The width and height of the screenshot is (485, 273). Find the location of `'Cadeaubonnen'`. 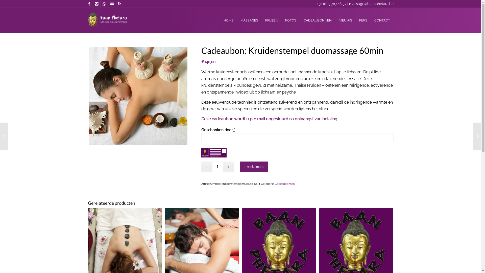

'Cadeaubonnen' is located at coordinates (275, 184).